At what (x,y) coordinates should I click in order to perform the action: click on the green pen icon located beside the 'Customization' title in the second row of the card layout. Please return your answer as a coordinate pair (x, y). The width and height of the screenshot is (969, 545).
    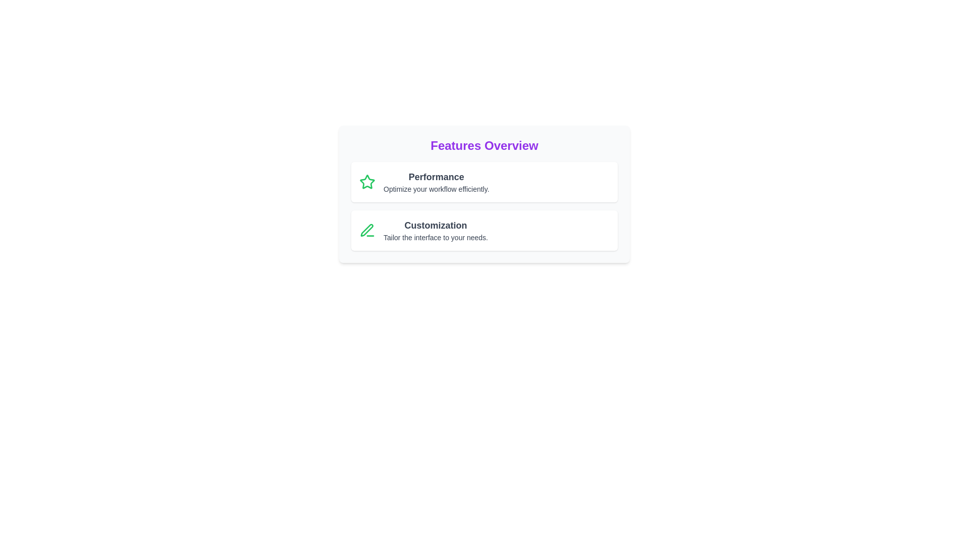
    Looking at the image, I should click on (366, 230).